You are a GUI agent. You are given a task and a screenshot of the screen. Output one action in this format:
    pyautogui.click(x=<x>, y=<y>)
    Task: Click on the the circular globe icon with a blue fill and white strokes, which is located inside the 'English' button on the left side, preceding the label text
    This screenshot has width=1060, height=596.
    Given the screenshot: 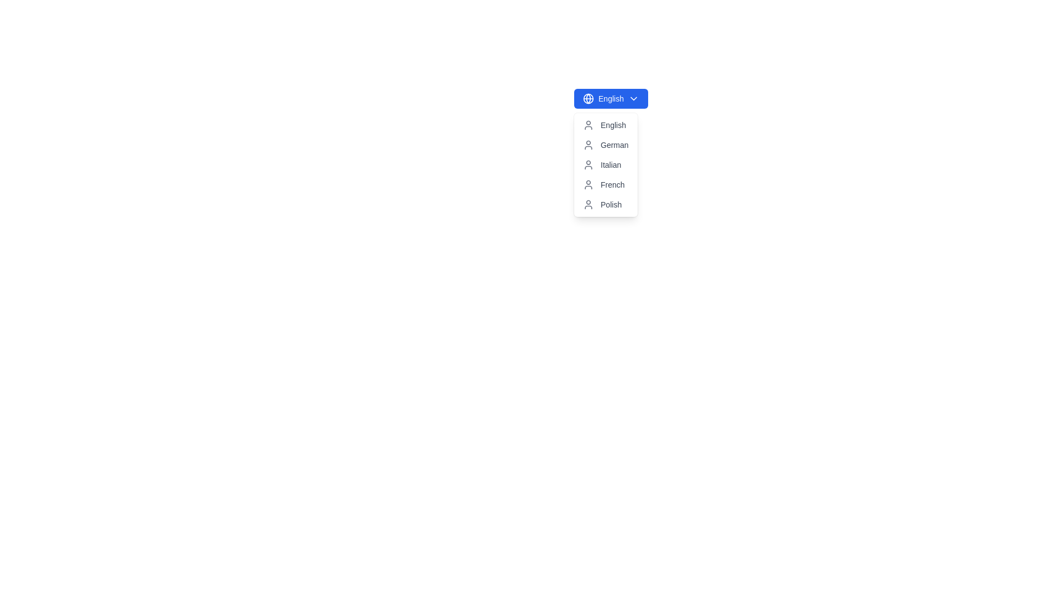 What is the action you would take?
    pyautogui.click(x=587, y=98)
    